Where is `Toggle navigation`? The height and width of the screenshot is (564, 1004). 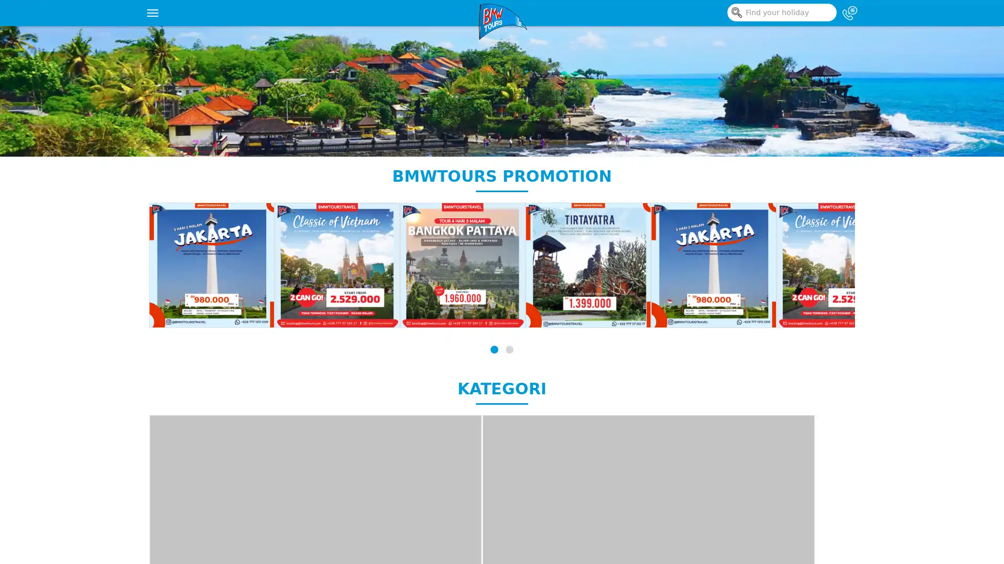 Toggle navigation is located at coordinates (152, 13).